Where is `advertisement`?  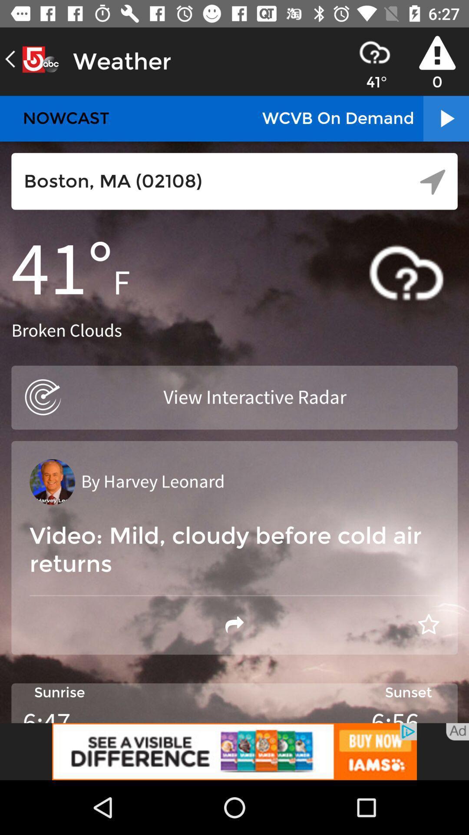
advertisement is located at coordinates (234, 751).